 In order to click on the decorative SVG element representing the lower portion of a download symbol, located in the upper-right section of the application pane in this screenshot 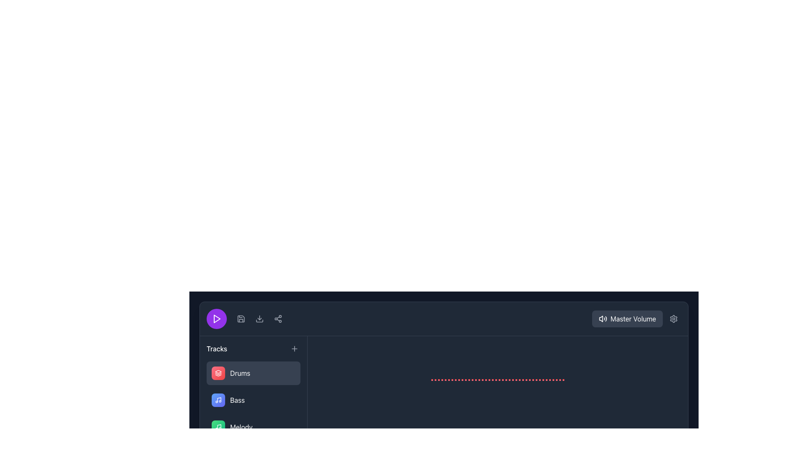, I will do `click(259, 321)`.